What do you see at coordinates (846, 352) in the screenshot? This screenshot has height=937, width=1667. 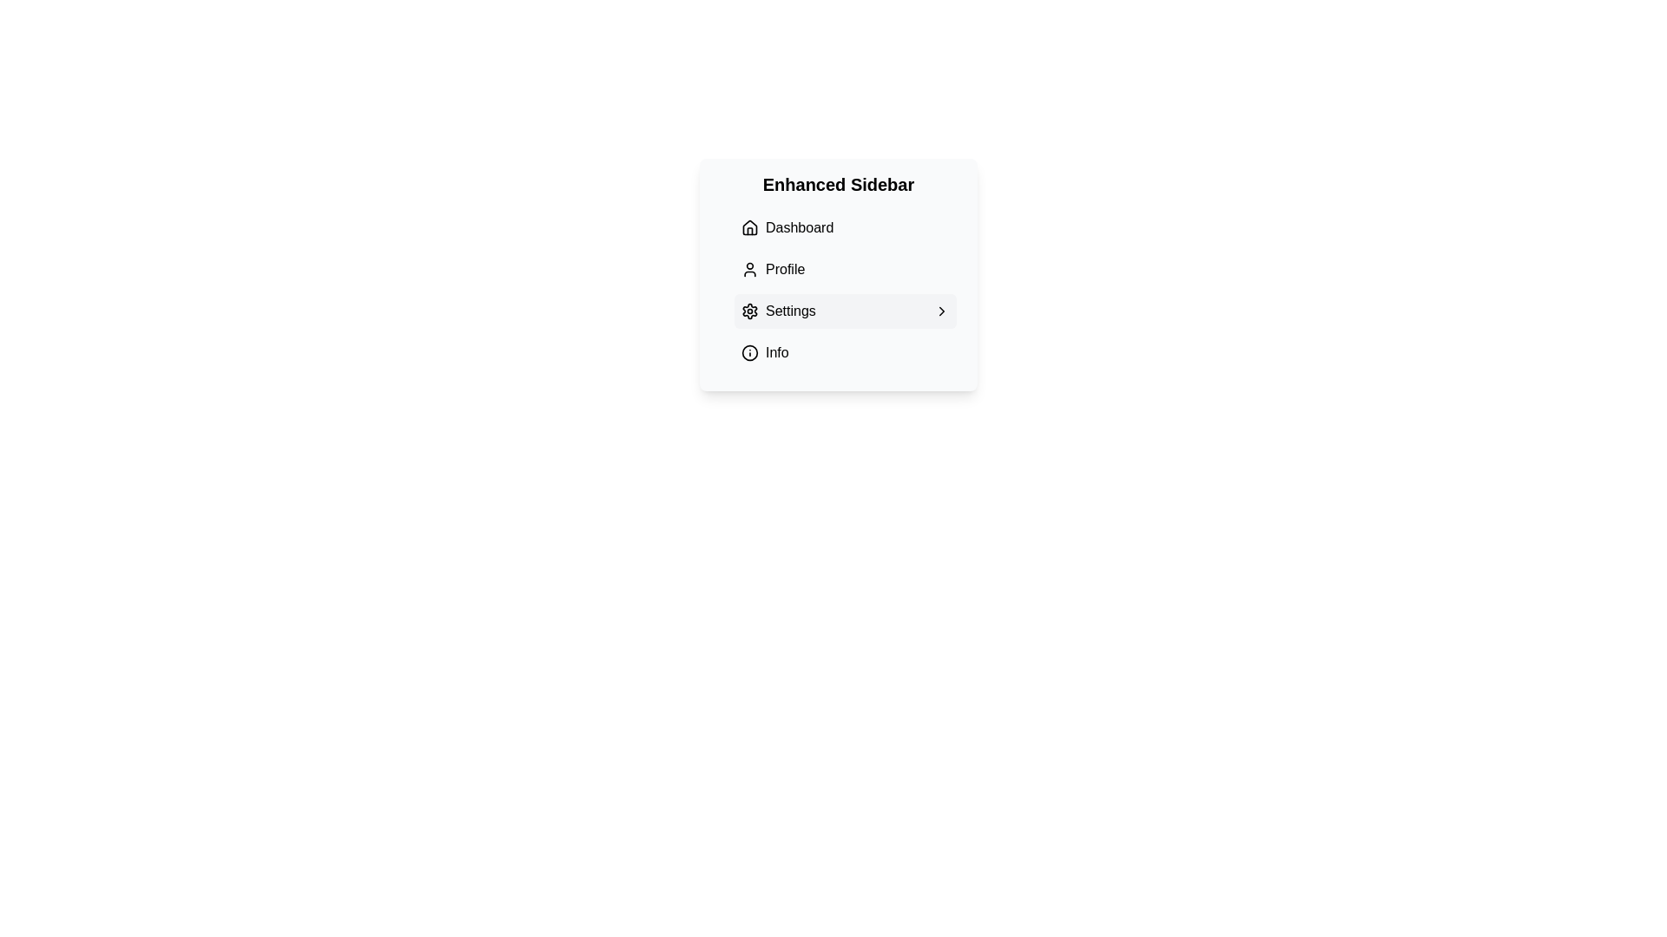 I see `the 'Info' button located at the bottom of the 'Enhanced Sidebar', which is the fourth item in the list` at bounding box center [846, 352].